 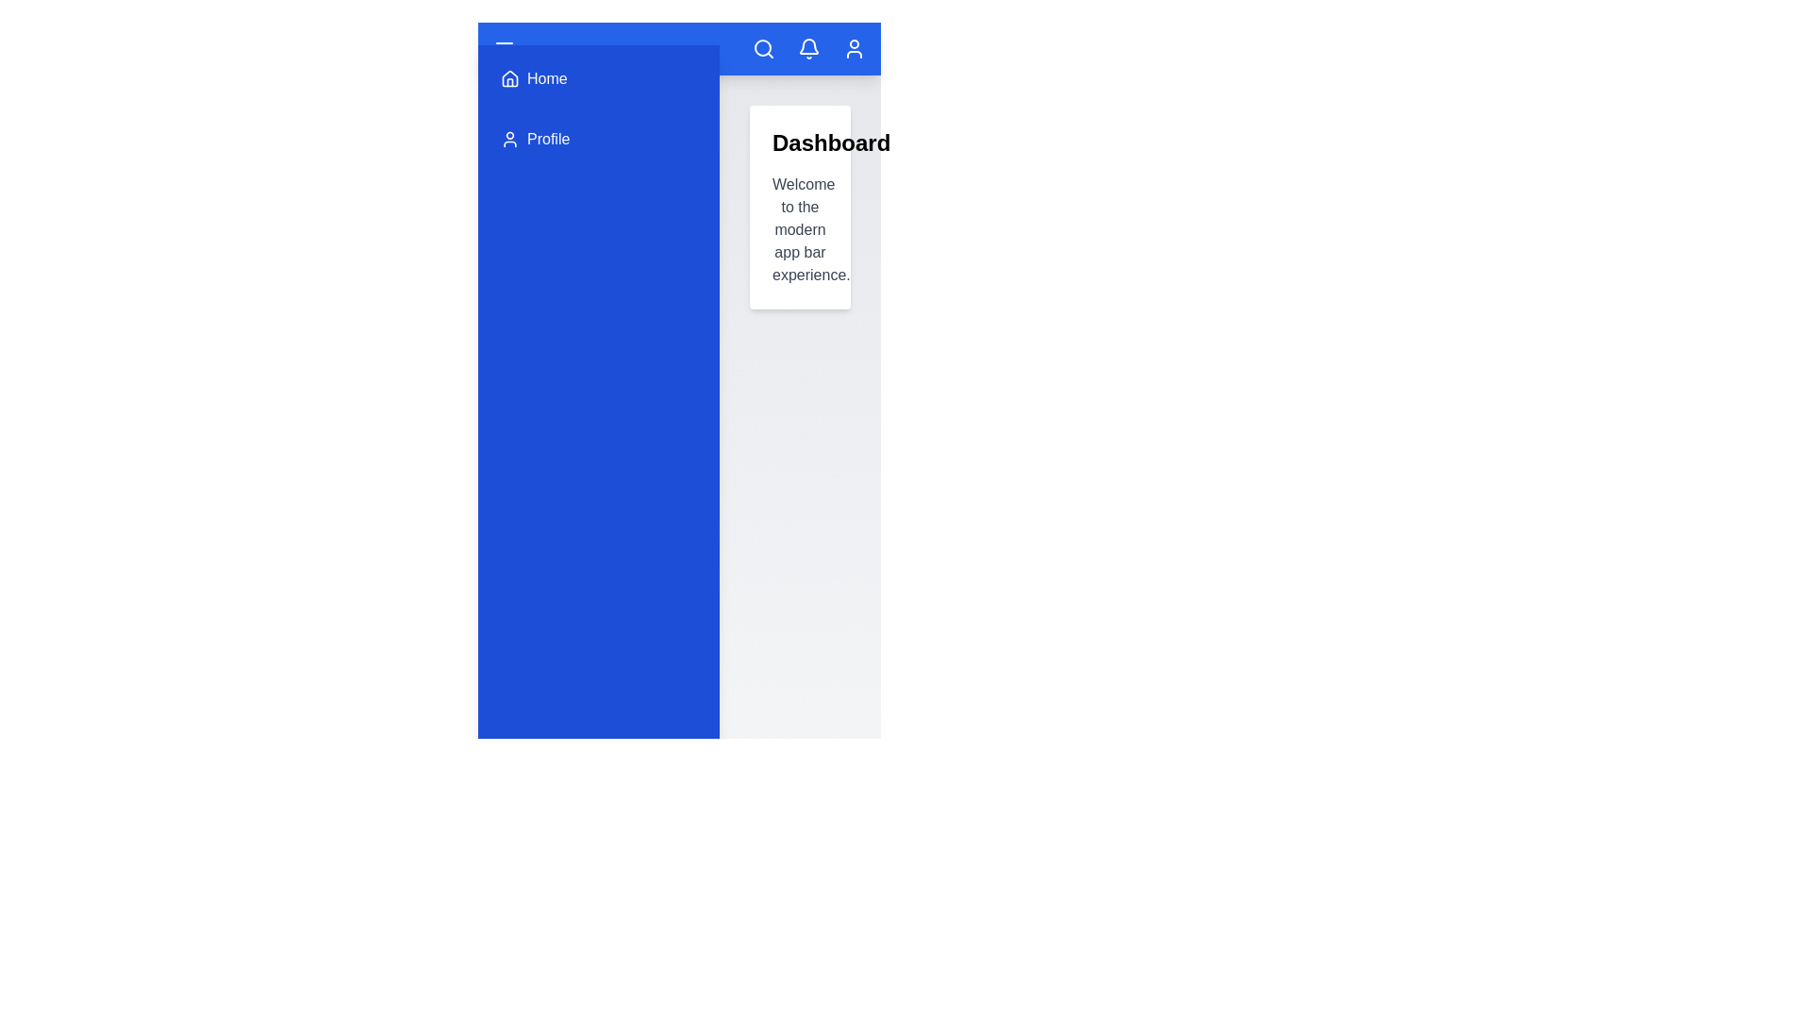 I want to click on the user profile icon located at the top right corner of the app bar, so click(x=854, y=47).